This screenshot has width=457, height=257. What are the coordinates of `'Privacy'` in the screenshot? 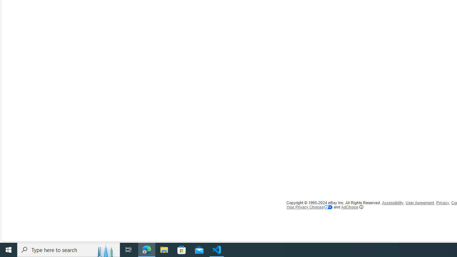 It's located at (442, 203).